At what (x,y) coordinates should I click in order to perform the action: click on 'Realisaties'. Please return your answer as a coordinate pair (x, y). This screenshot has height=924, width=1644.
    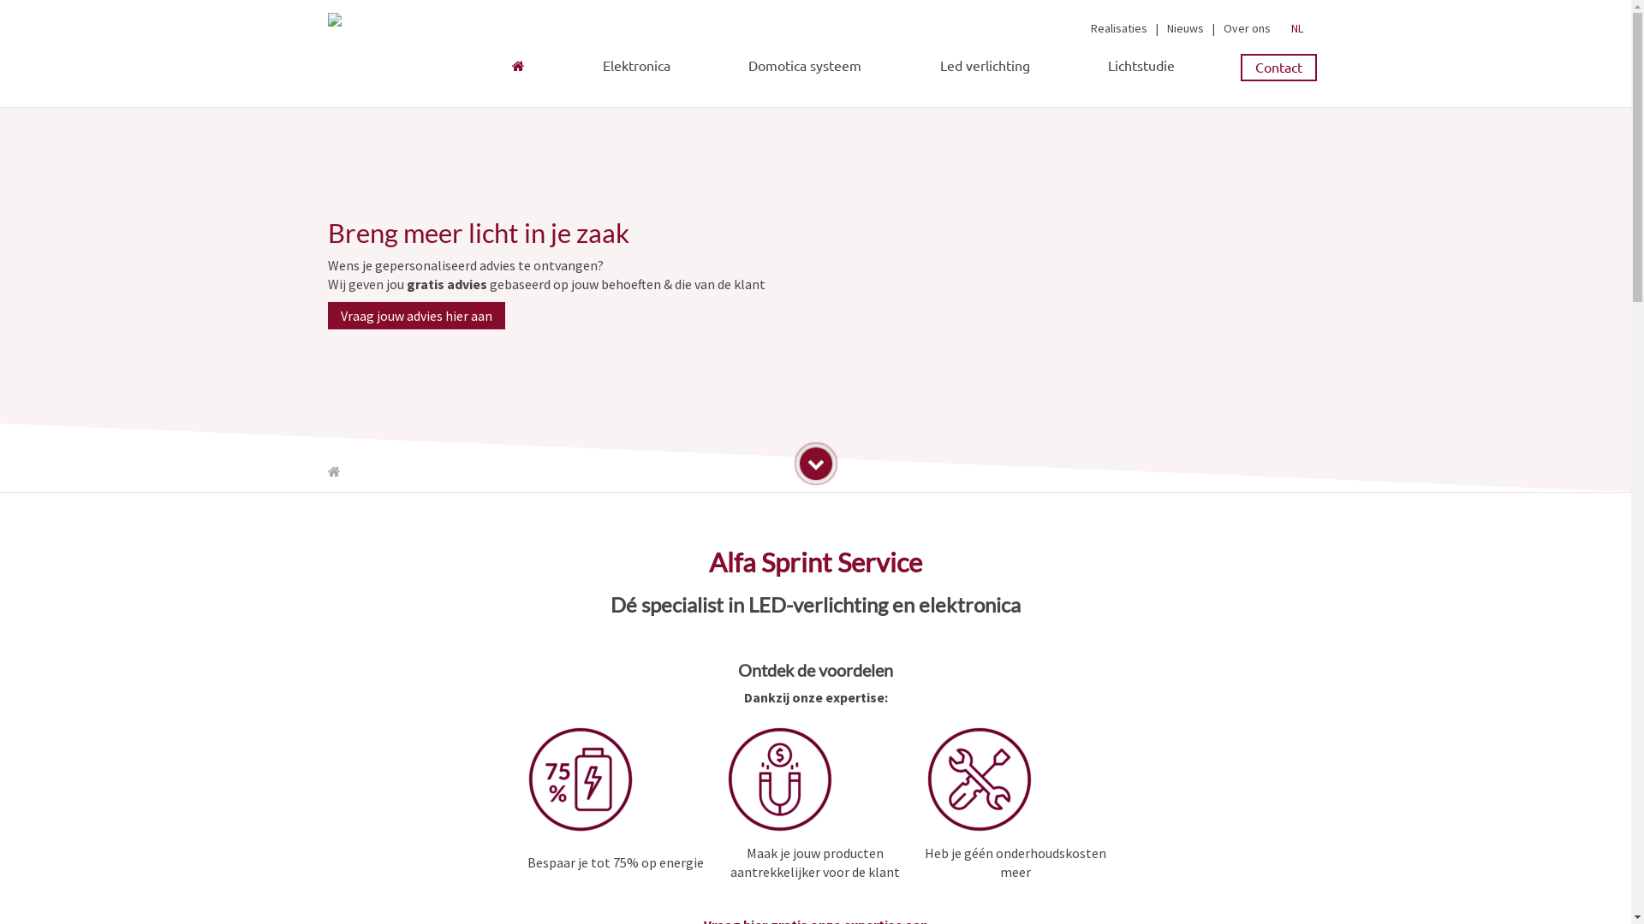
    Looking at the image, I should click on (1118, 28).